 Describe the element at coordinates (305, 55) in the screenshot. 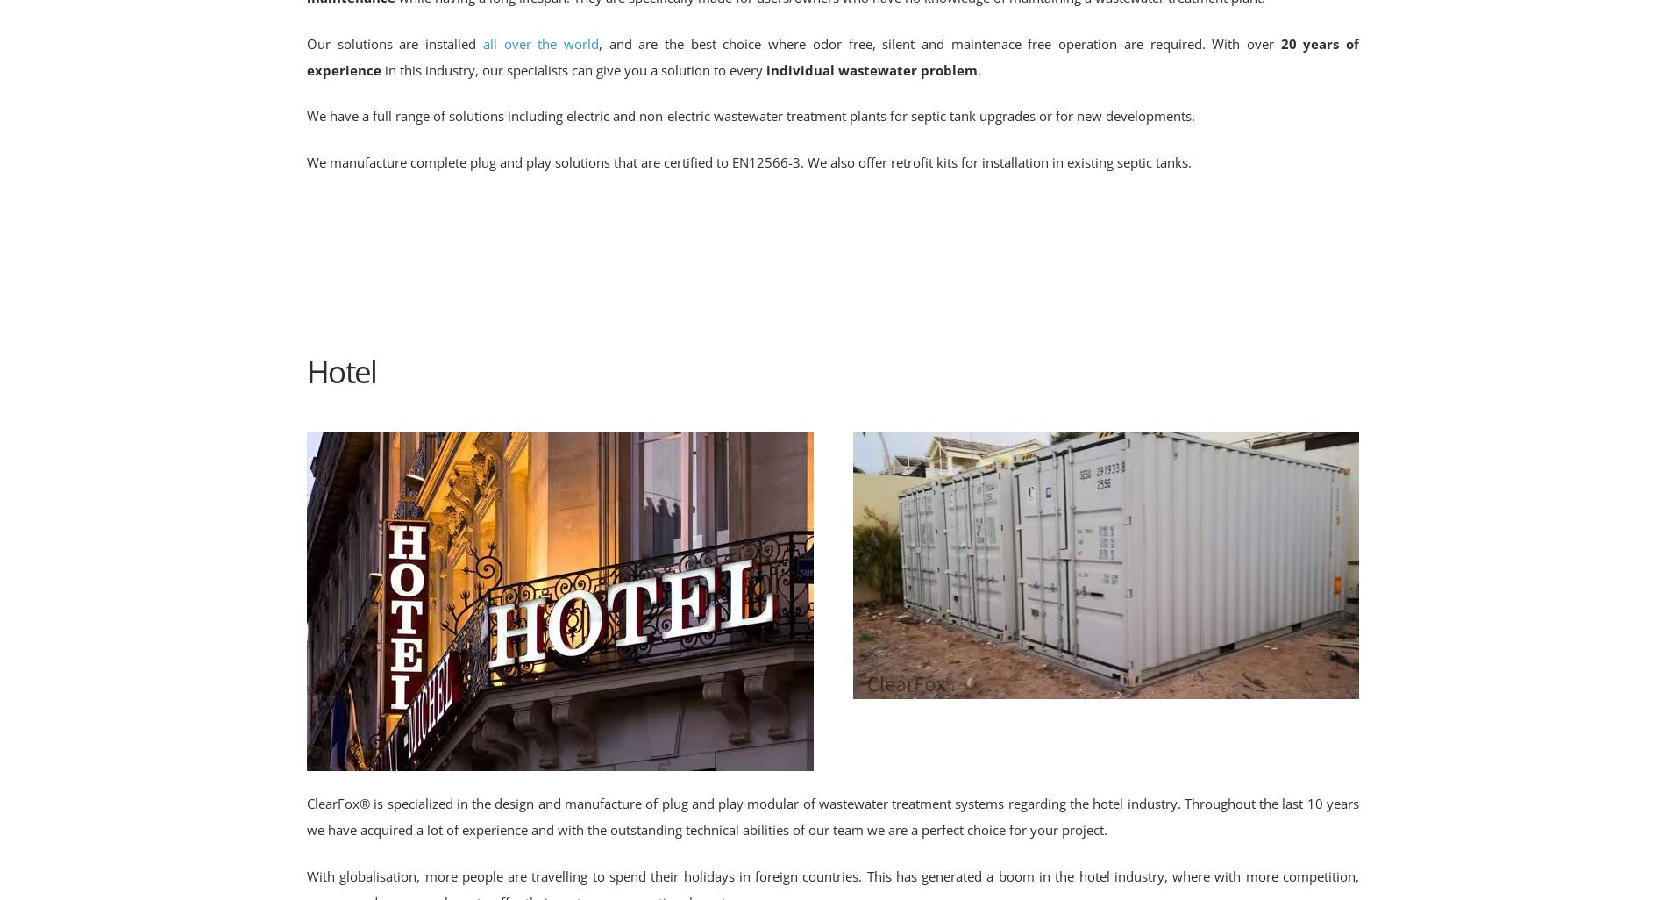

I see `'20 years of experience'` at that location.